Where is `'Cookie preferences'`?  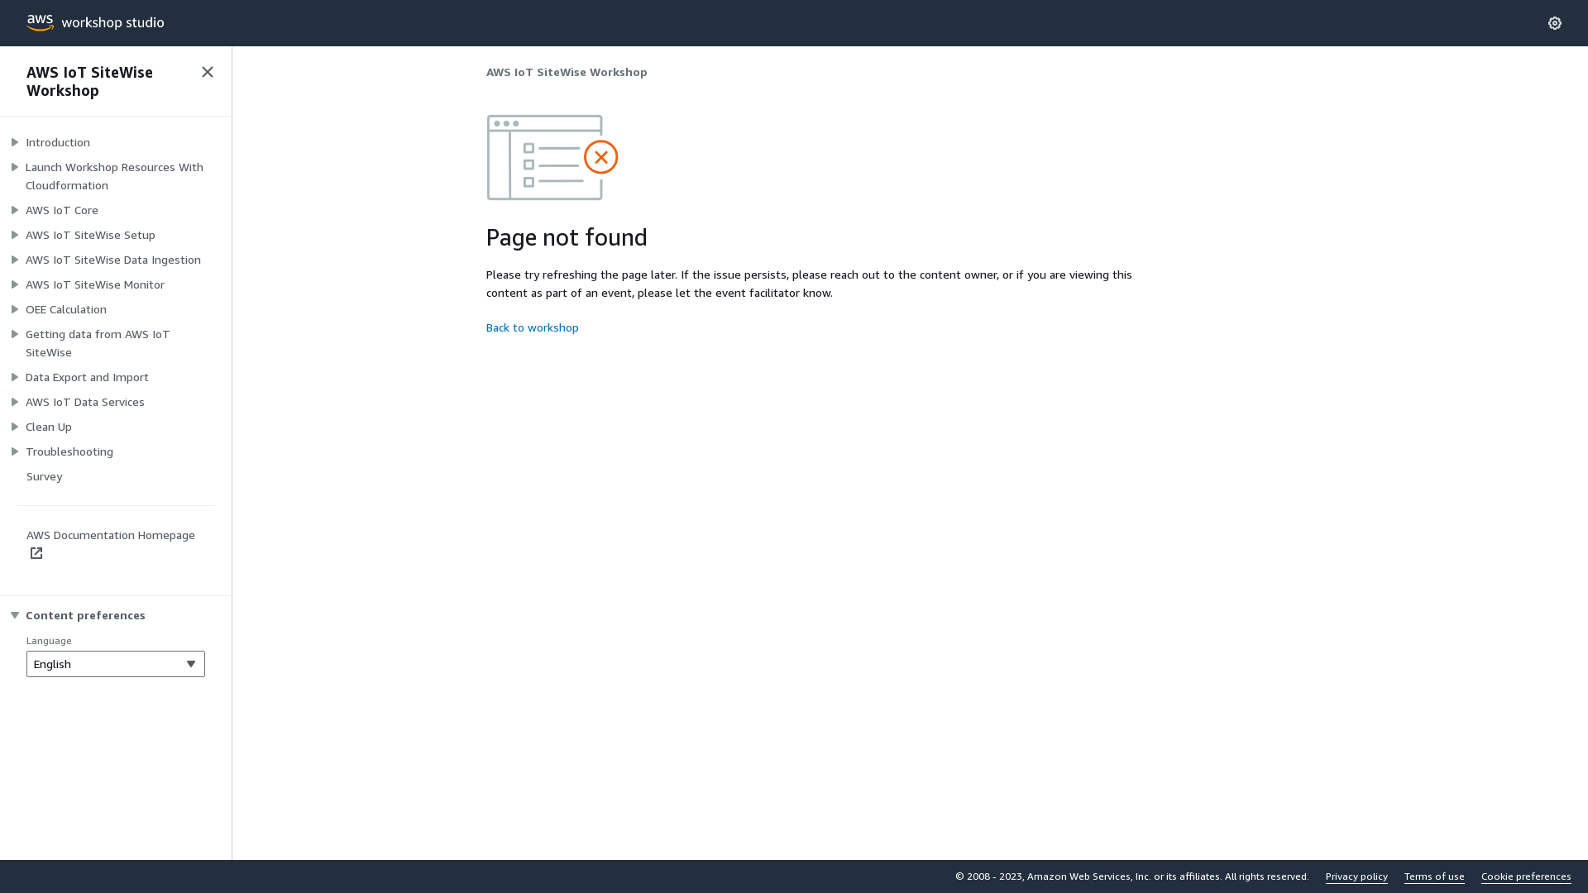
'Cookie preferences' is located at coordinates (1525, 876).